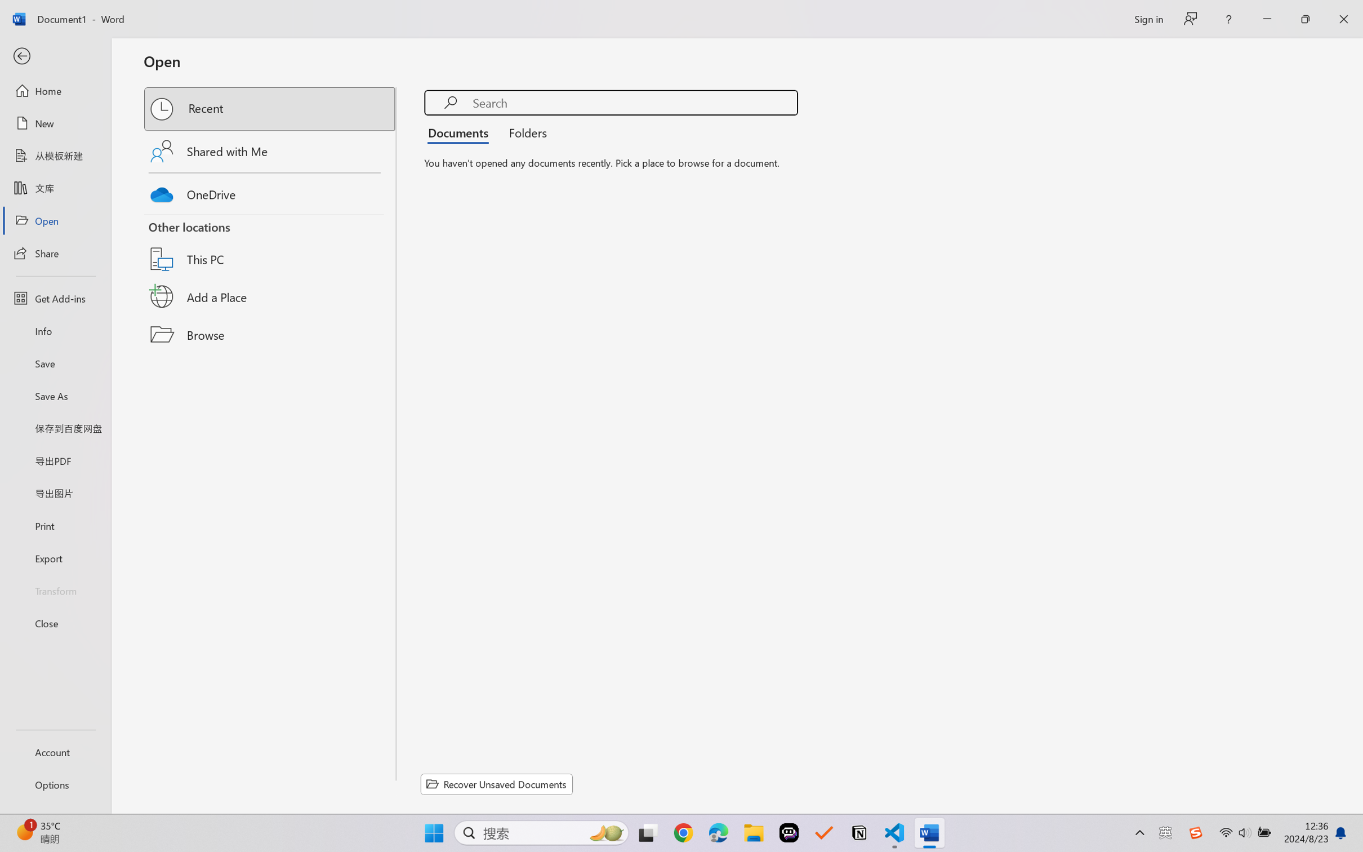 Image resolution: width=1363 pixels, height=852 pixels. What do you see at coordinates (524, 131) in the screenshot?
I see `'Folders'` at bounding box center [524, 131].